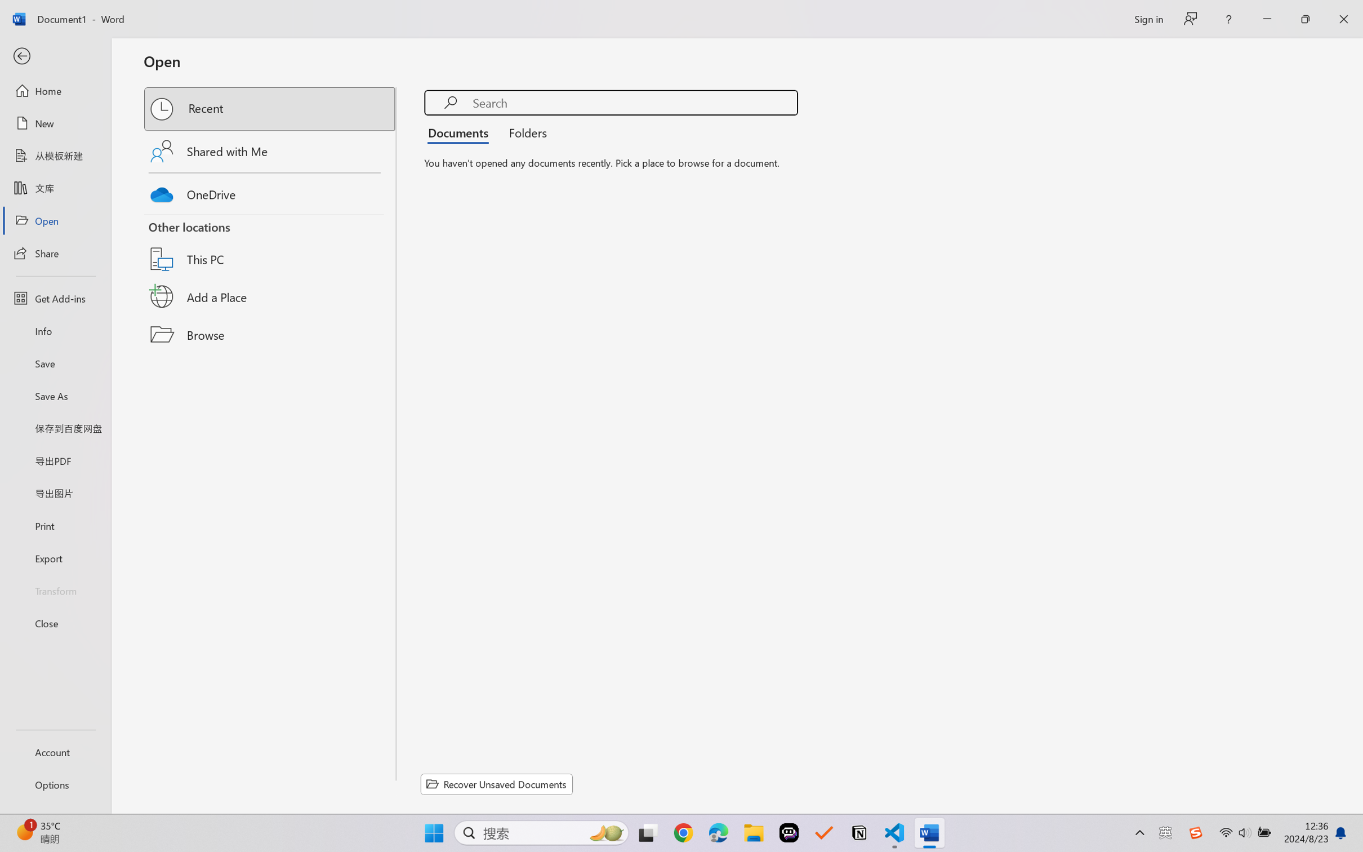 Image resolution: width=1363 pixels, height=852 pixels. What do you see at coordinates (524, 131) in the screenshot?
I see `'Folders'` at bounding box center [524, 131].